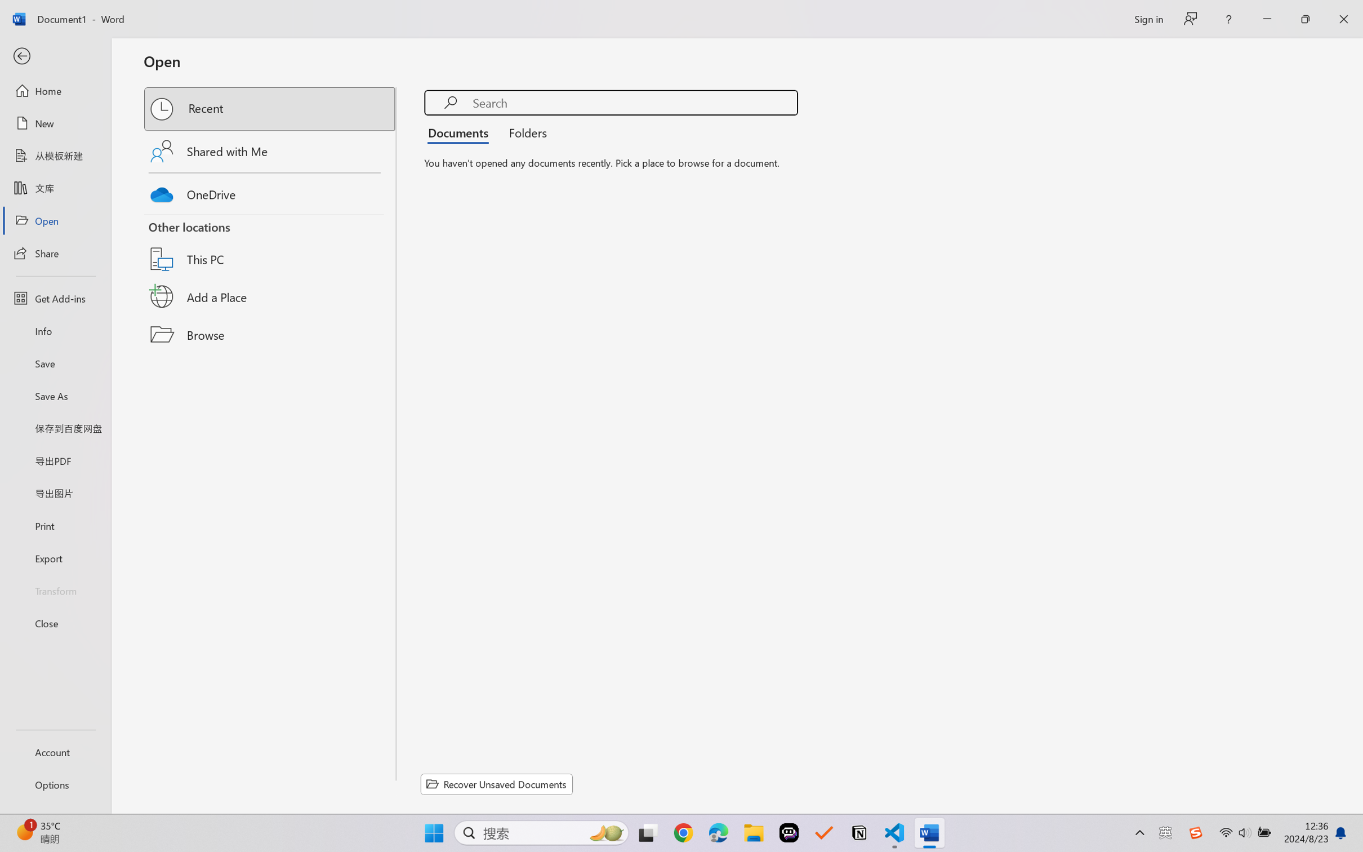 Image resolution: width=1363 pixels, height=852 pixels. What do you see at coordinates (524, 131) in the screenshot?
I see `'Folders'` at bounding box center [524, 131].